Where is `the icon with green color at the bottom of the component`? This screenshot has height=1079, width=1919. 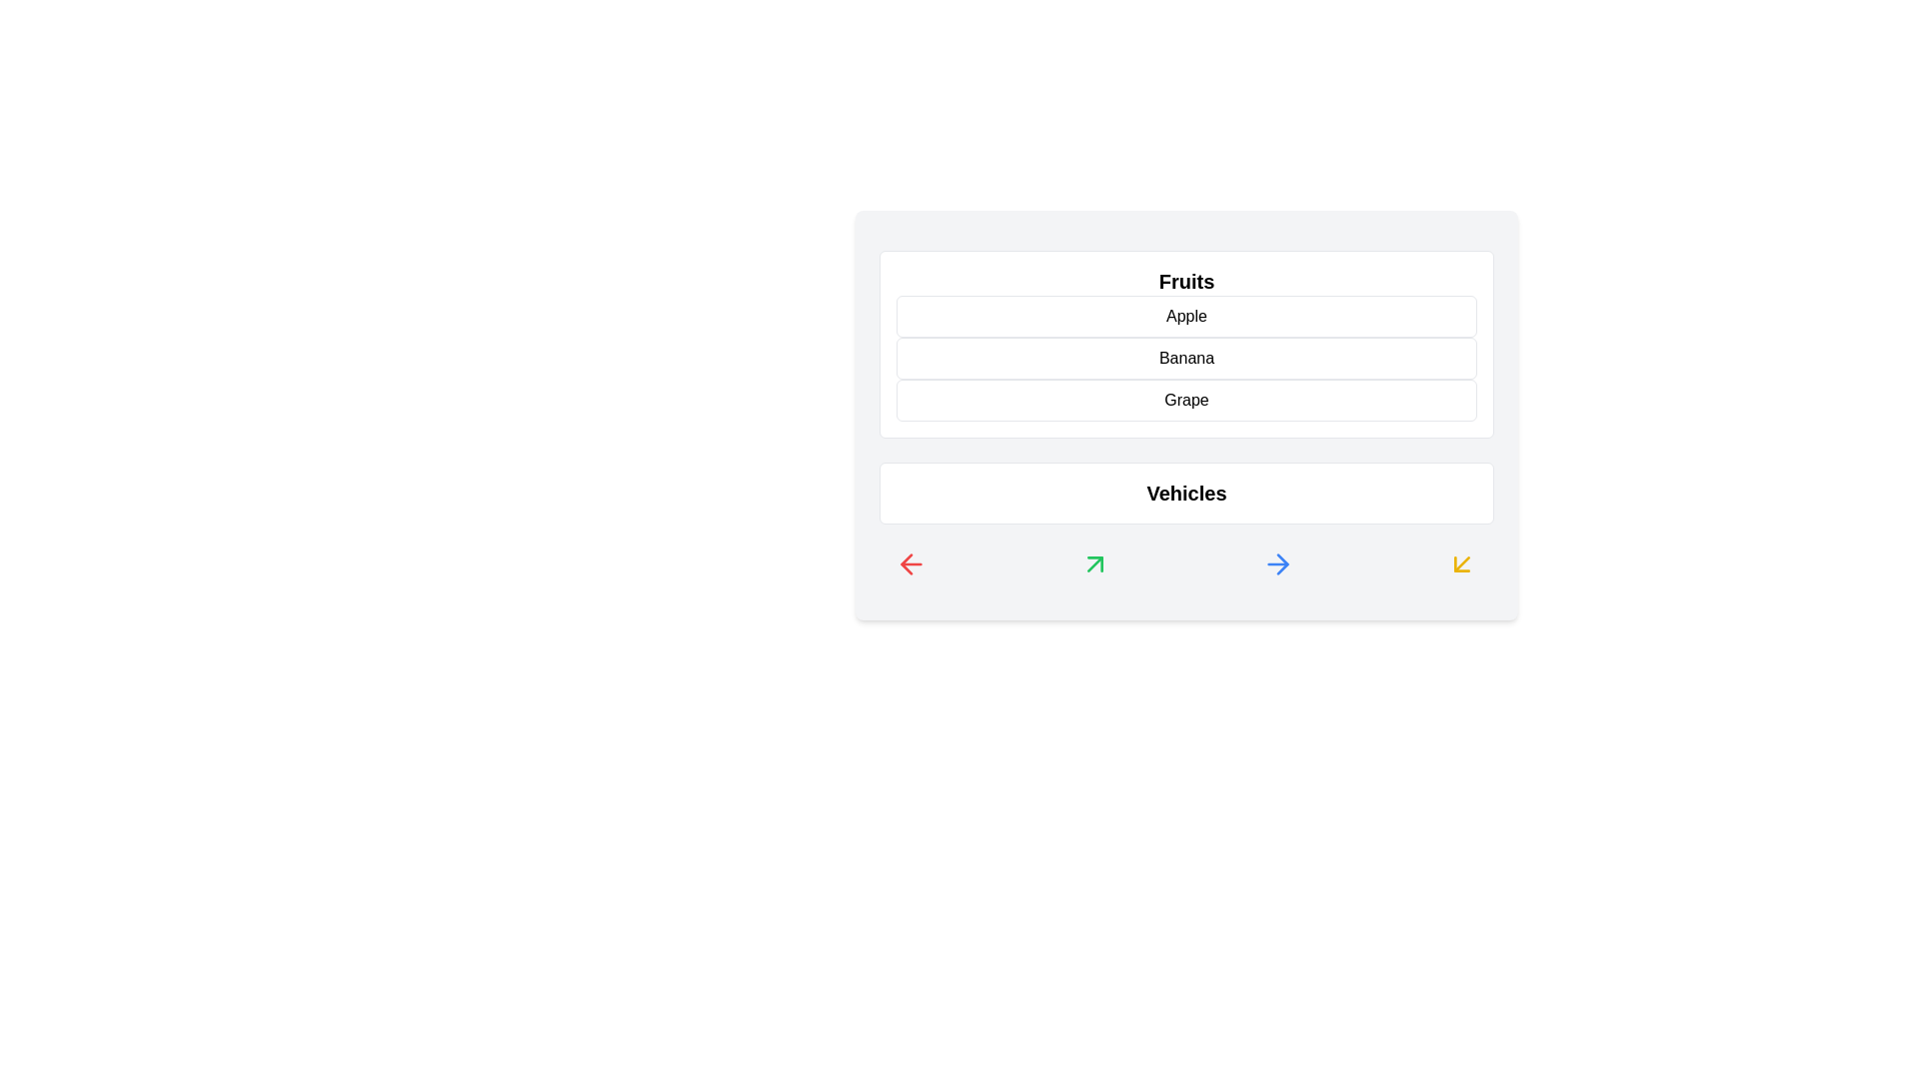 the icon with green color at the bottom of the component is located at coordinates (1093, 563).